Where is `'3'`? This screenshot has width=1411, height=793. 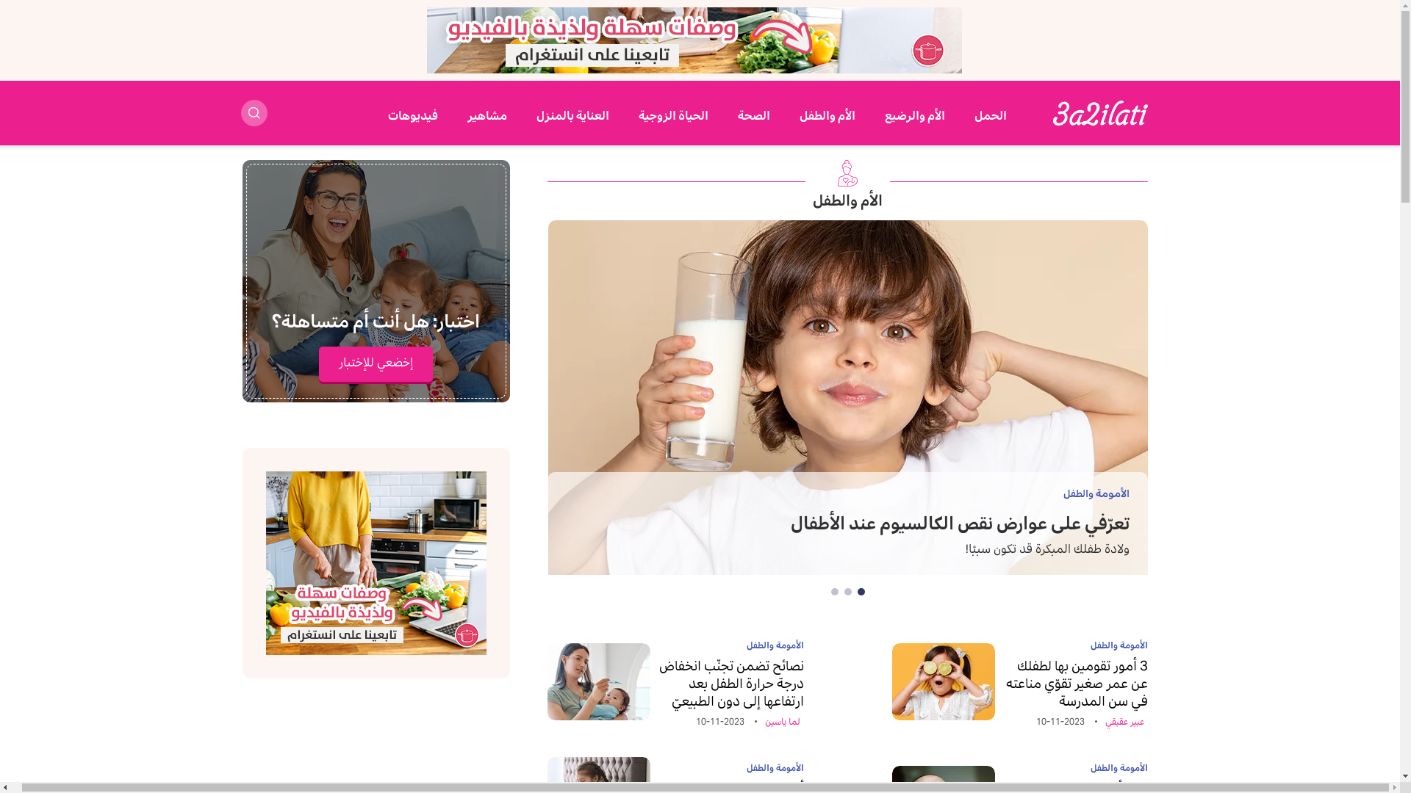
'3' is located at coordinates (835, 591).